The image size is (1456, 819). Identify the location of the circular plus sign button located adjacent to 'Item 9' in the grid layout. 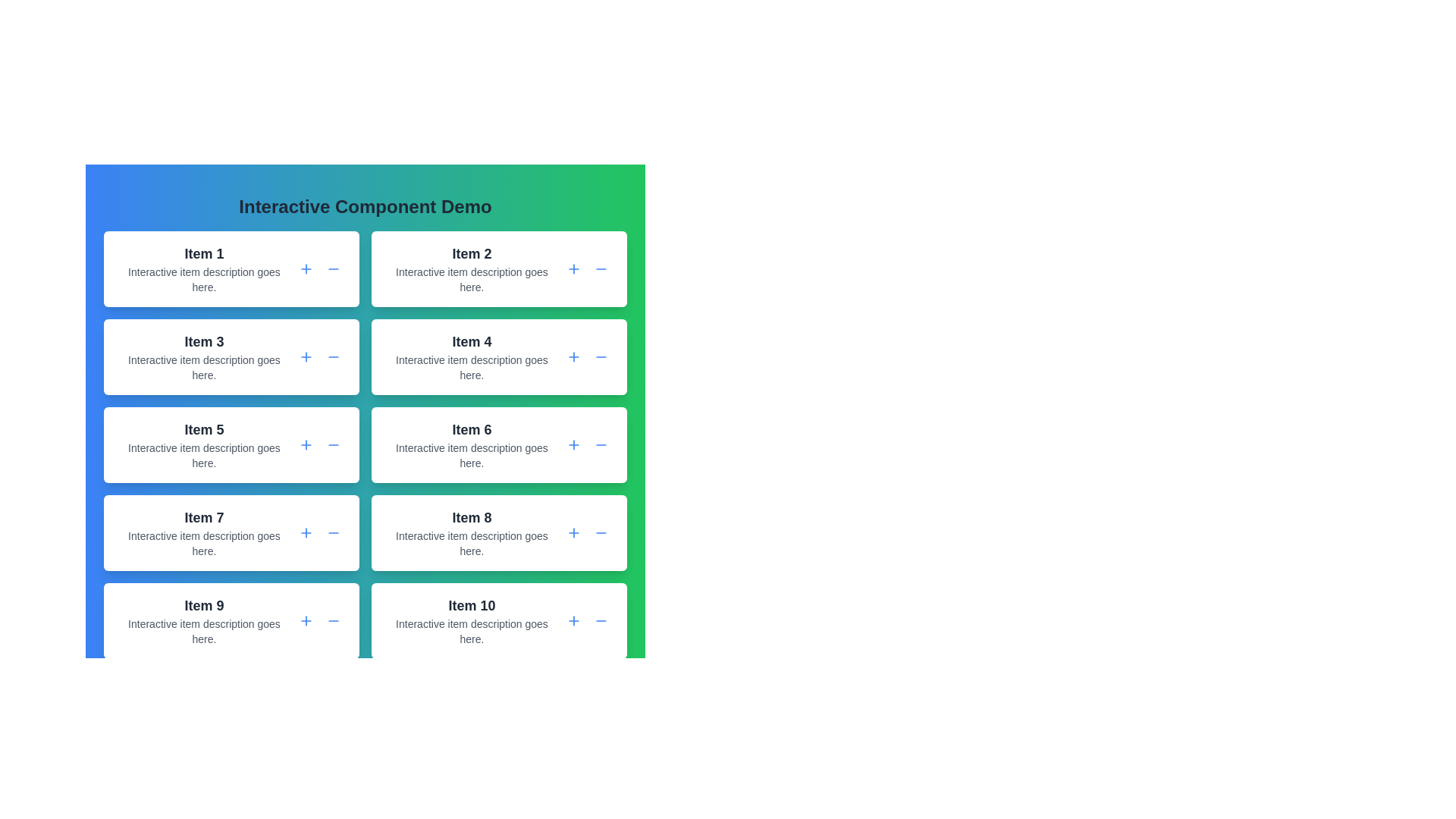
(305, 620).